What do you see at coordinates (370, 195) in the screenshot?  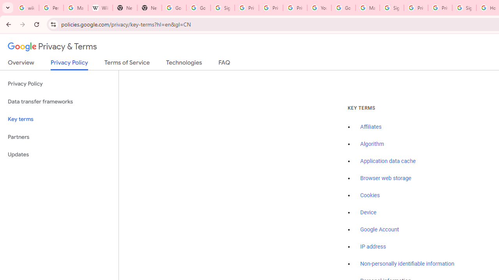 I see `'Cookies'` at bounding box center [370, 195].